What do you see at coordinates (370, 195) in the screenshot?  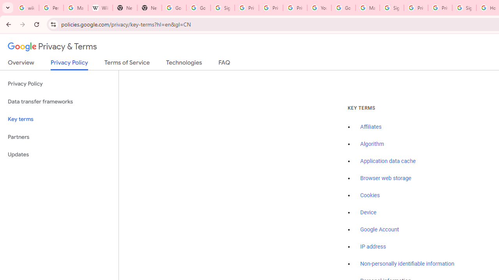 I see `'Cookies'` at bounding box center [370, 195].